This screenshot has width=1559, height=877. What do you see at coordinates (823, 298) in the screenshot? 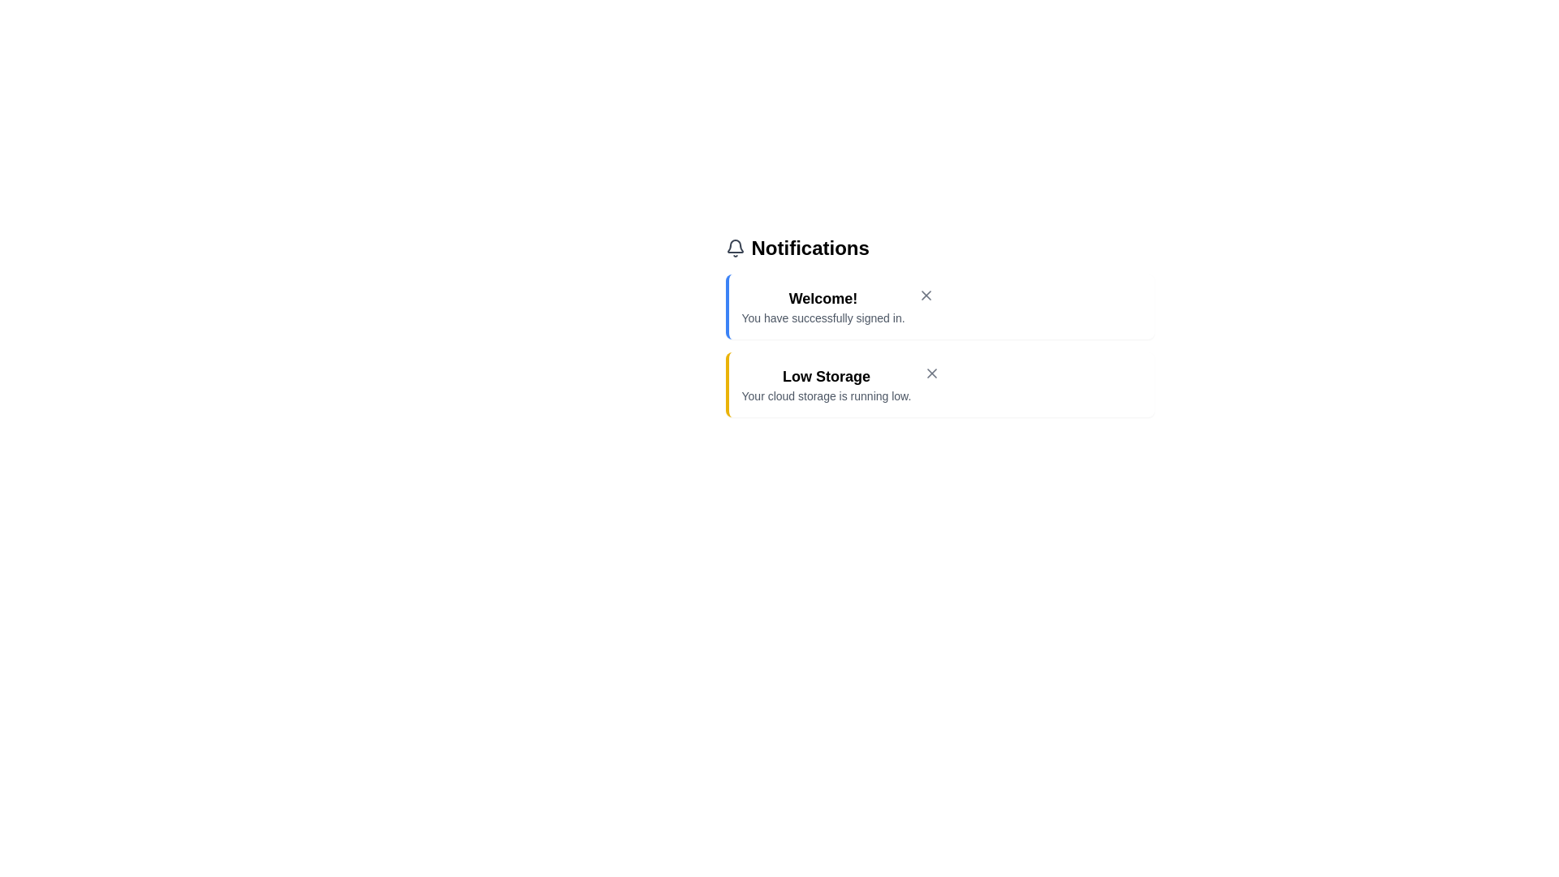
I see `the text label at the top of the notification card that conveys a welcoming message to the user` at bounding box center [823, 298].